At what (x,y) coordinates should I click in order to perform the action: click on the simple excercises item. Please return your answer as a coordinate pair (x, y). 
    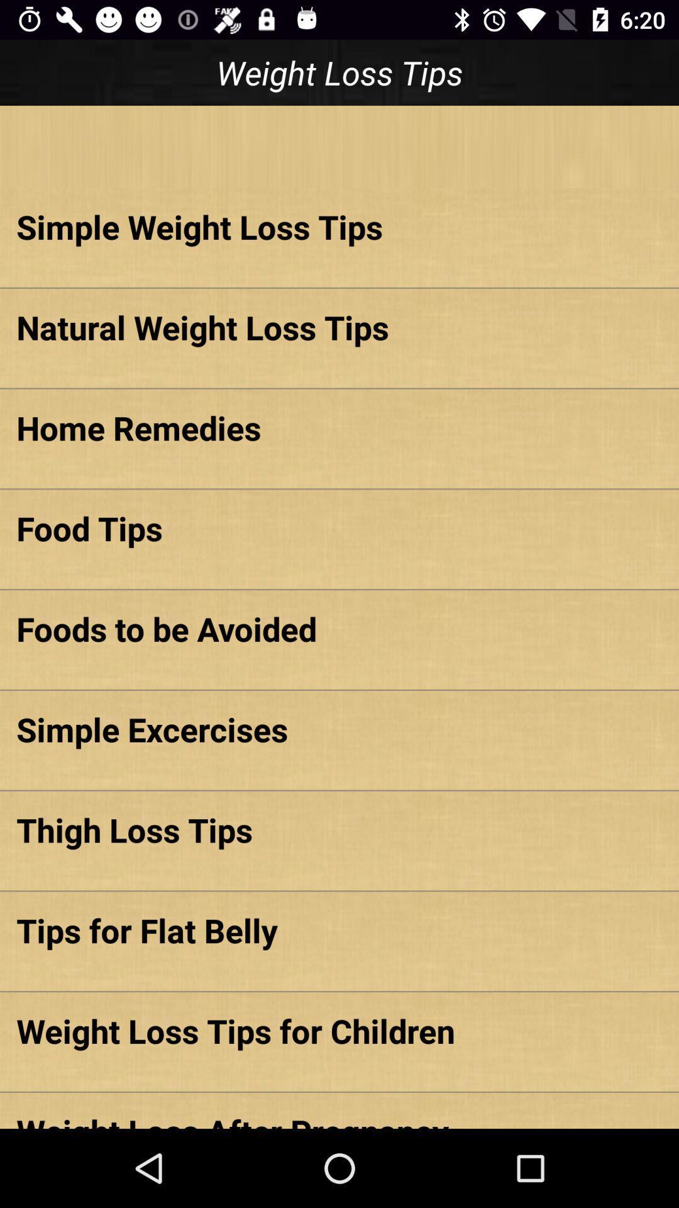
    Looking at the image, I should click on (339, 729).